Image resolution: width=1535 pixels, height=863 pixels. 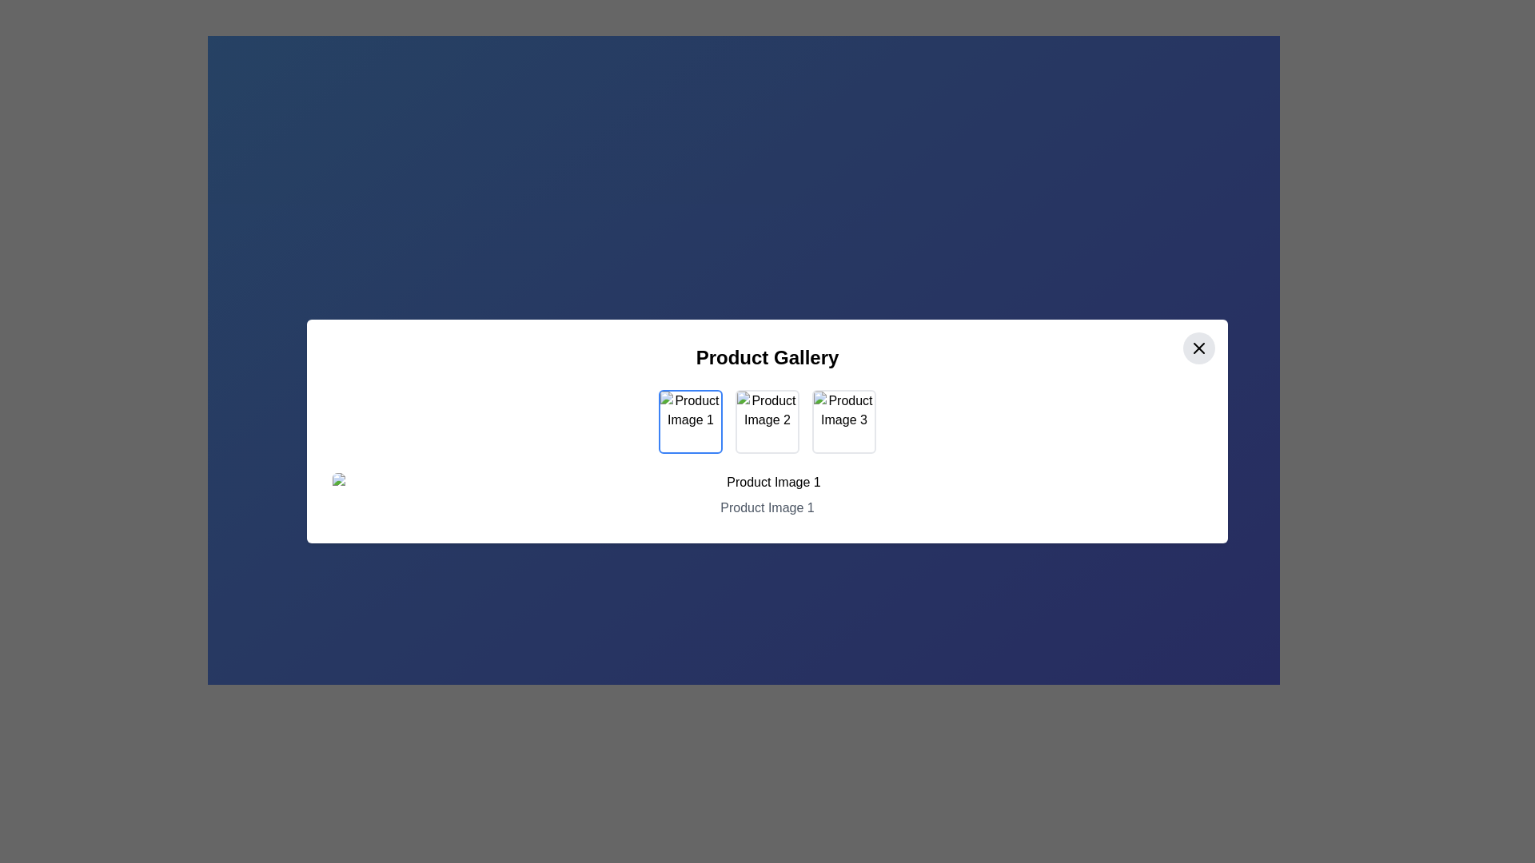 What do you see at coordinates (691, 421) in the screenshot?
I see `the image thumbnail labeled 'Product Image 1', which is a square image with rounded corners and a blue border` at bounding box center [691, 421].